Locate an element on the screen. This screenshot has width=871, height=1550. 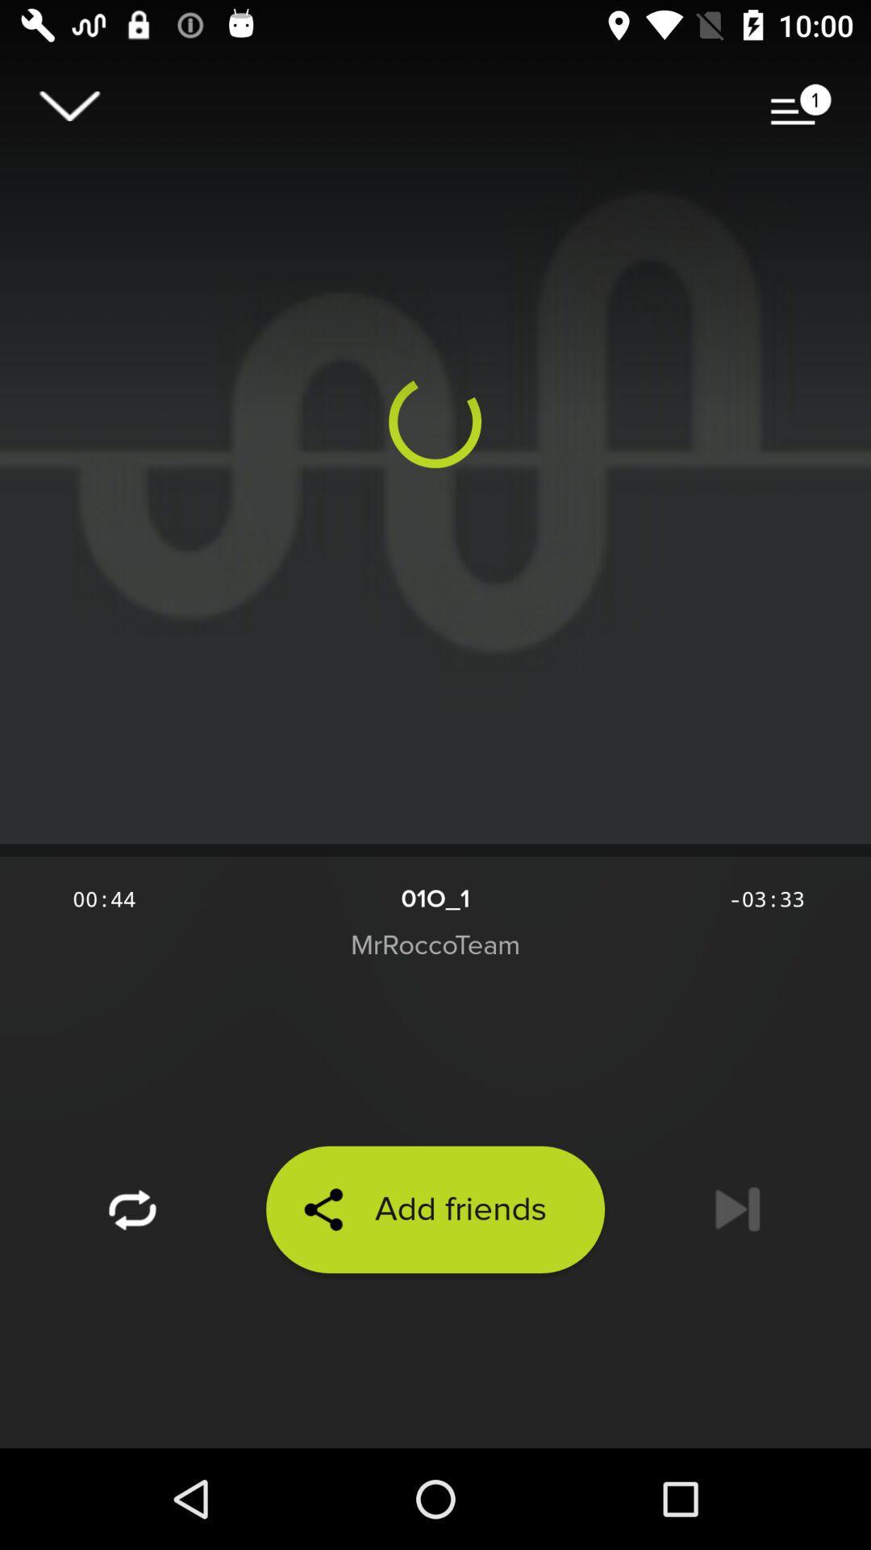
the playlist icon is located at coordinates (801, 105).